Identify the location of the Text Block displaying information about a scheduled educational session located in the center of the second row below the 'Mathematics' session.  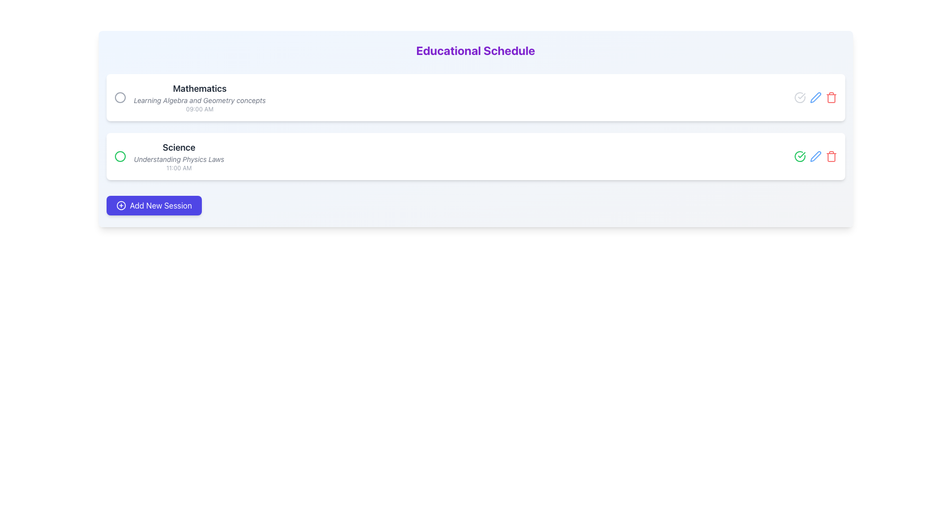
(179, 156).